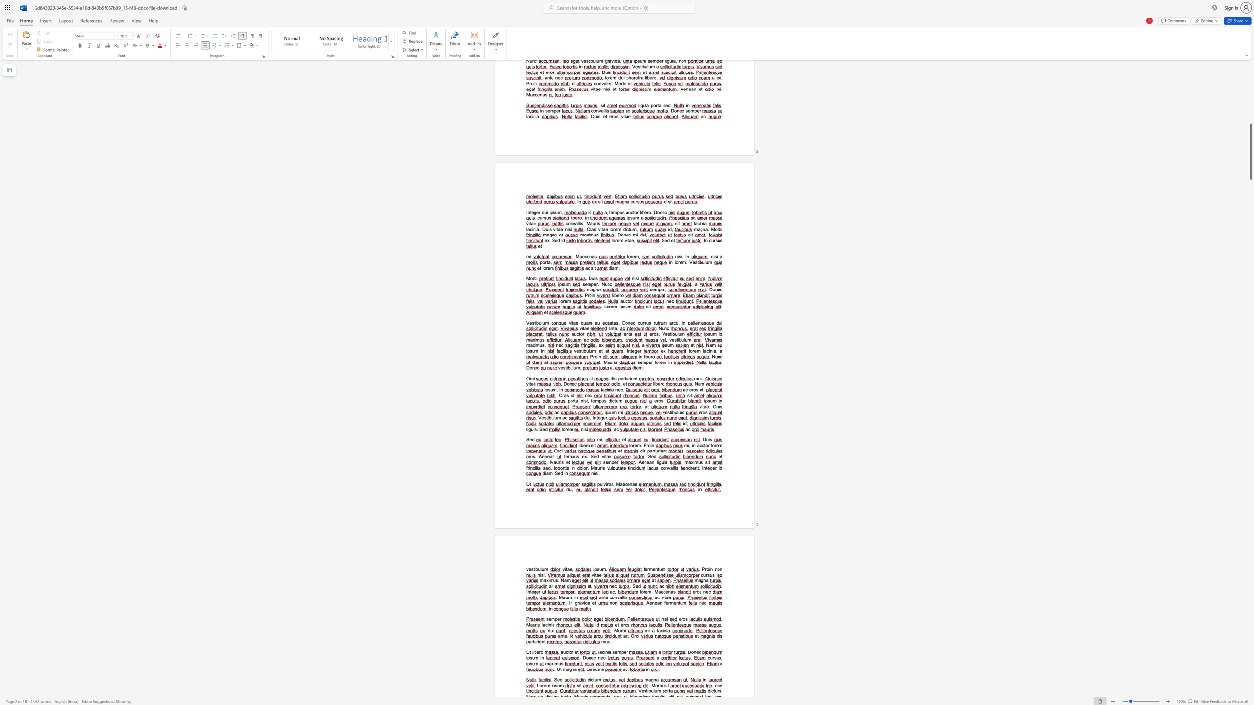 The height and width of the screenshot is (705, 1254). What do you see at coordinates (549, 579) in the screenshot?
I see `the 1th character "i" in the text` at bounding box center [549, 579].